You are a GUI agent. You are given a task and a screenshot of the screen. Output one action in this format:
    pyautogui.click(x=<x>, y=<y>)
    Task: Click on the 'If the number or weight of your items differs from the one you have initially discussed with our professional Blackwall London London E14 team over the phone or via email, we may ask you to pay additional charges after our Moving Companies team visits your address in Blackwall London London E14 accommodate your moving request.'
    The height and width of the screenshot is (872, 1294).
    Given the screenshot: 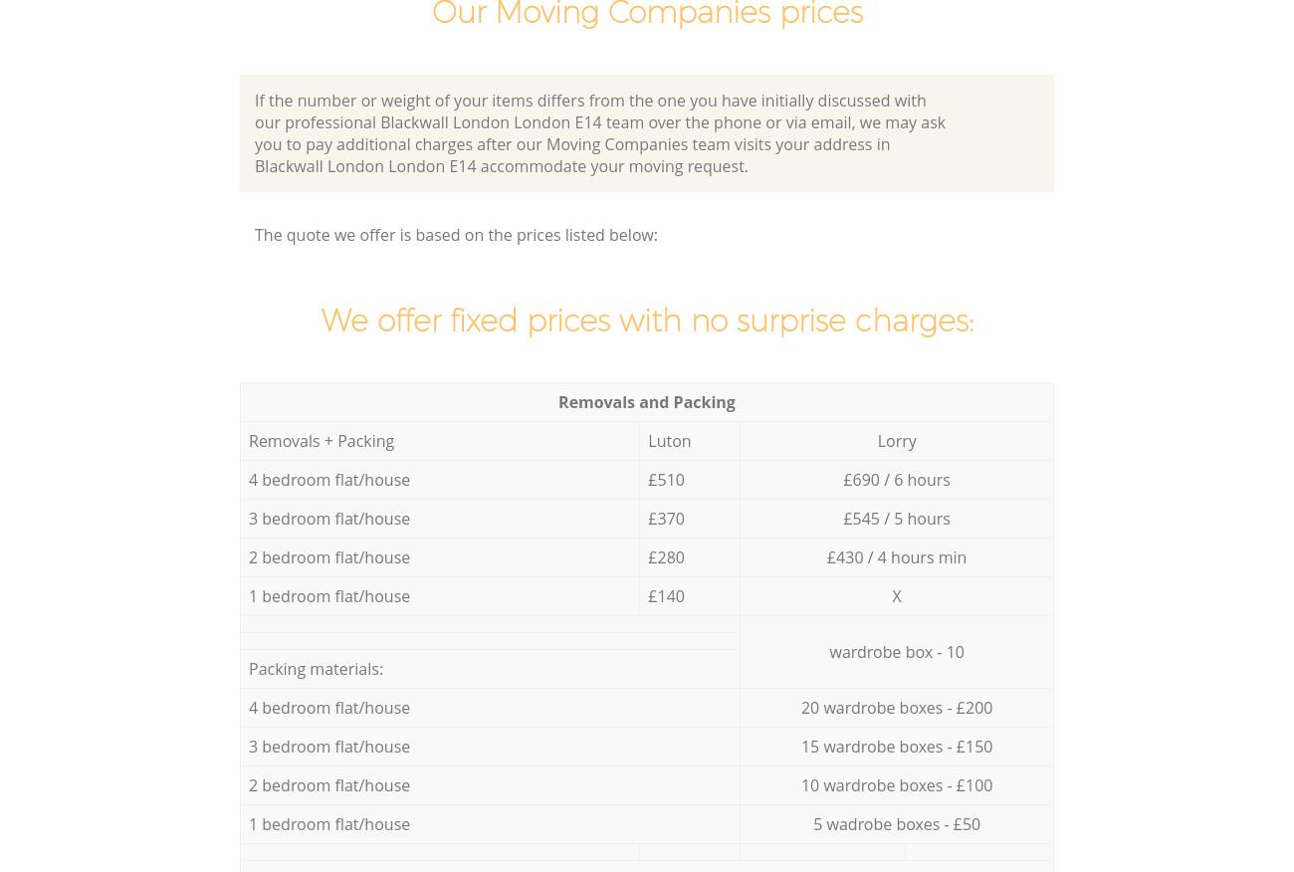 What is the action you would take?
    pyautogui.click(x=253, y=130)
    